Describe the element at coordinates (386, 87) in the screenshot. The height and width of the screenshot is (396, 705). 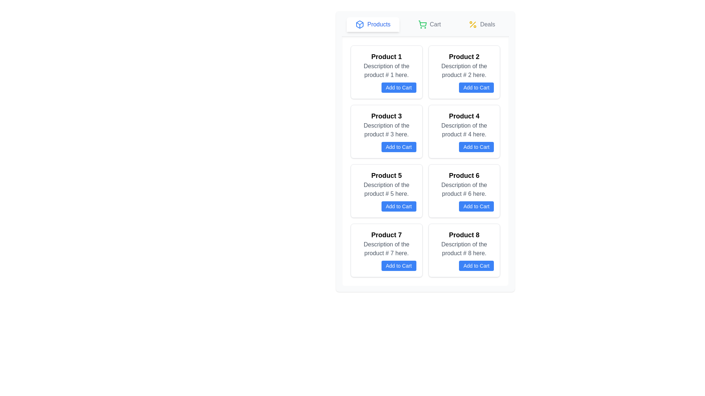
I see `the button that adds 'Product 1' to the shopping cart` at that location.